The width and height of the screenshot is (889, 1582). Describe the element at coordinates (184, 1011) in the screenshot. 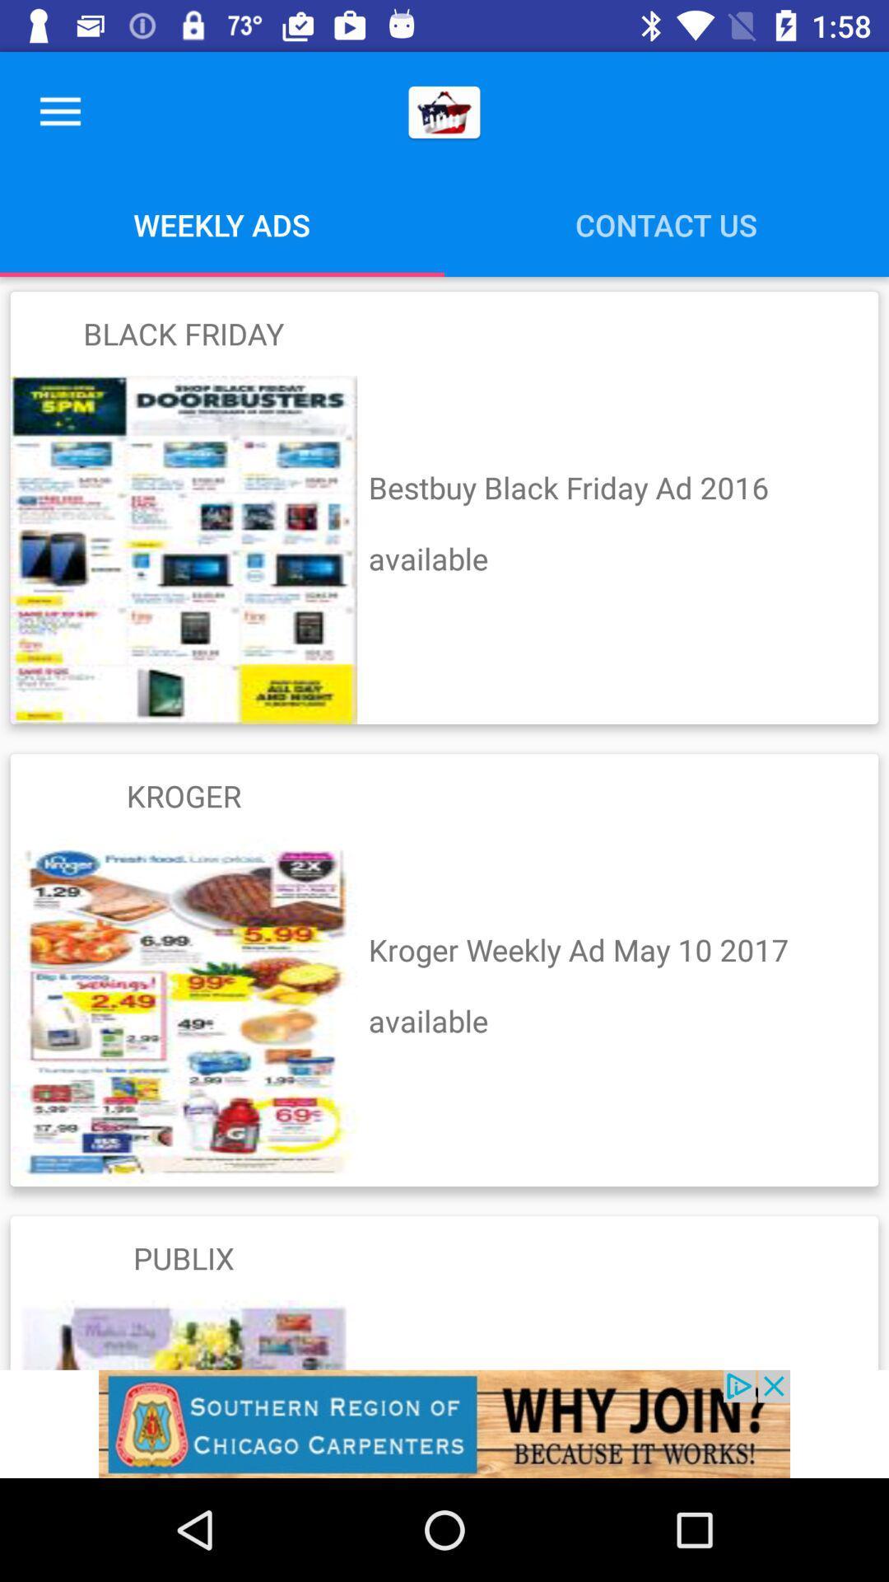

I see `the image below kroger` at that location.